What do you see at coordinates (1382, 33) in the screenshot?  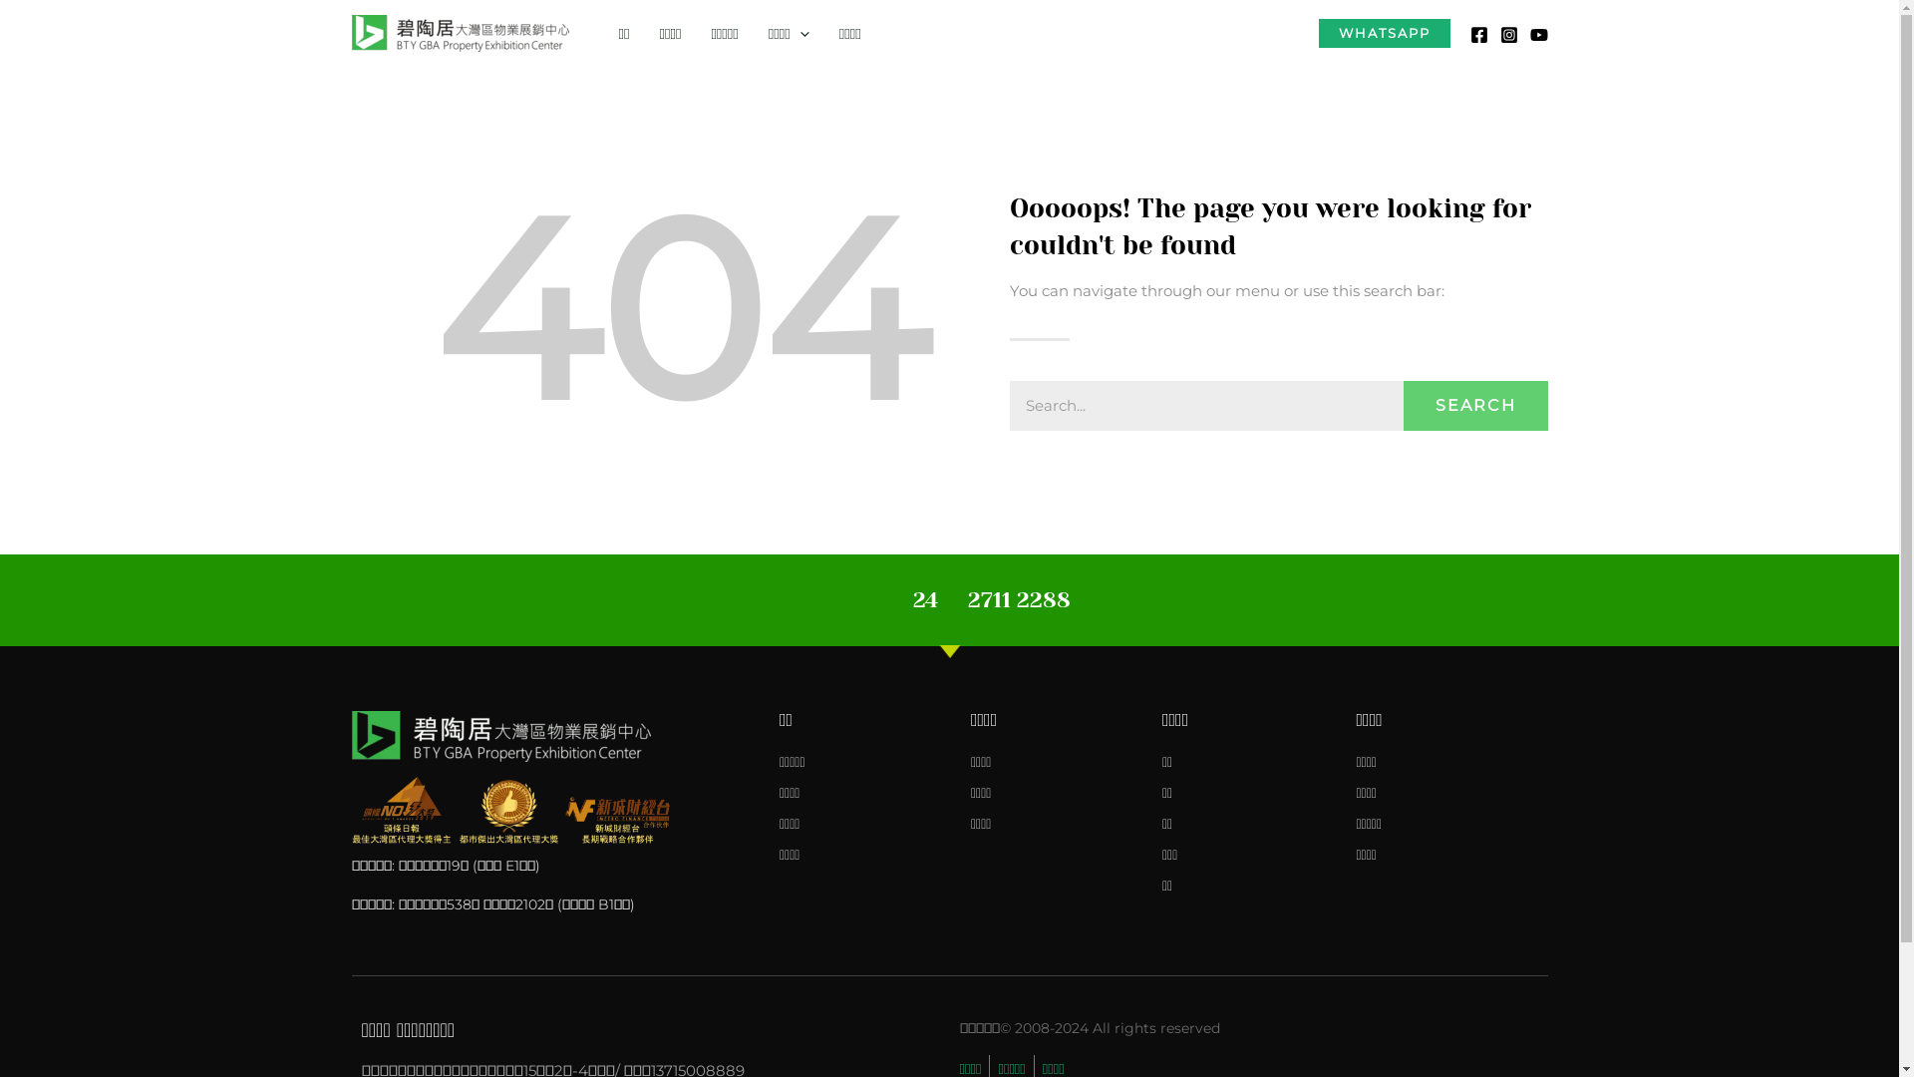 I see `'WHATSAPP'` at bounding box center [1382, 33].